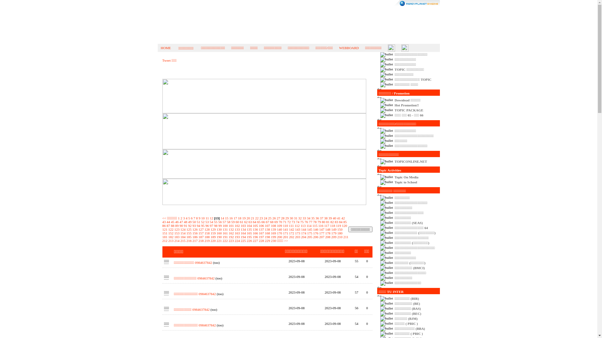  Describe the element at coordinates (194, 218) in the screenshot. I see `'7'` at that location.